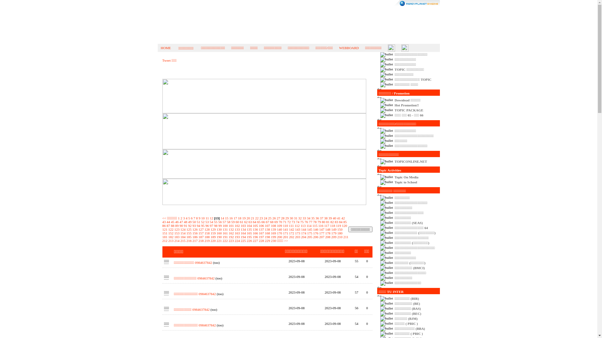  Describe the element at coordinates (194, 218) in the screenshot. I see `'7'` at that location.